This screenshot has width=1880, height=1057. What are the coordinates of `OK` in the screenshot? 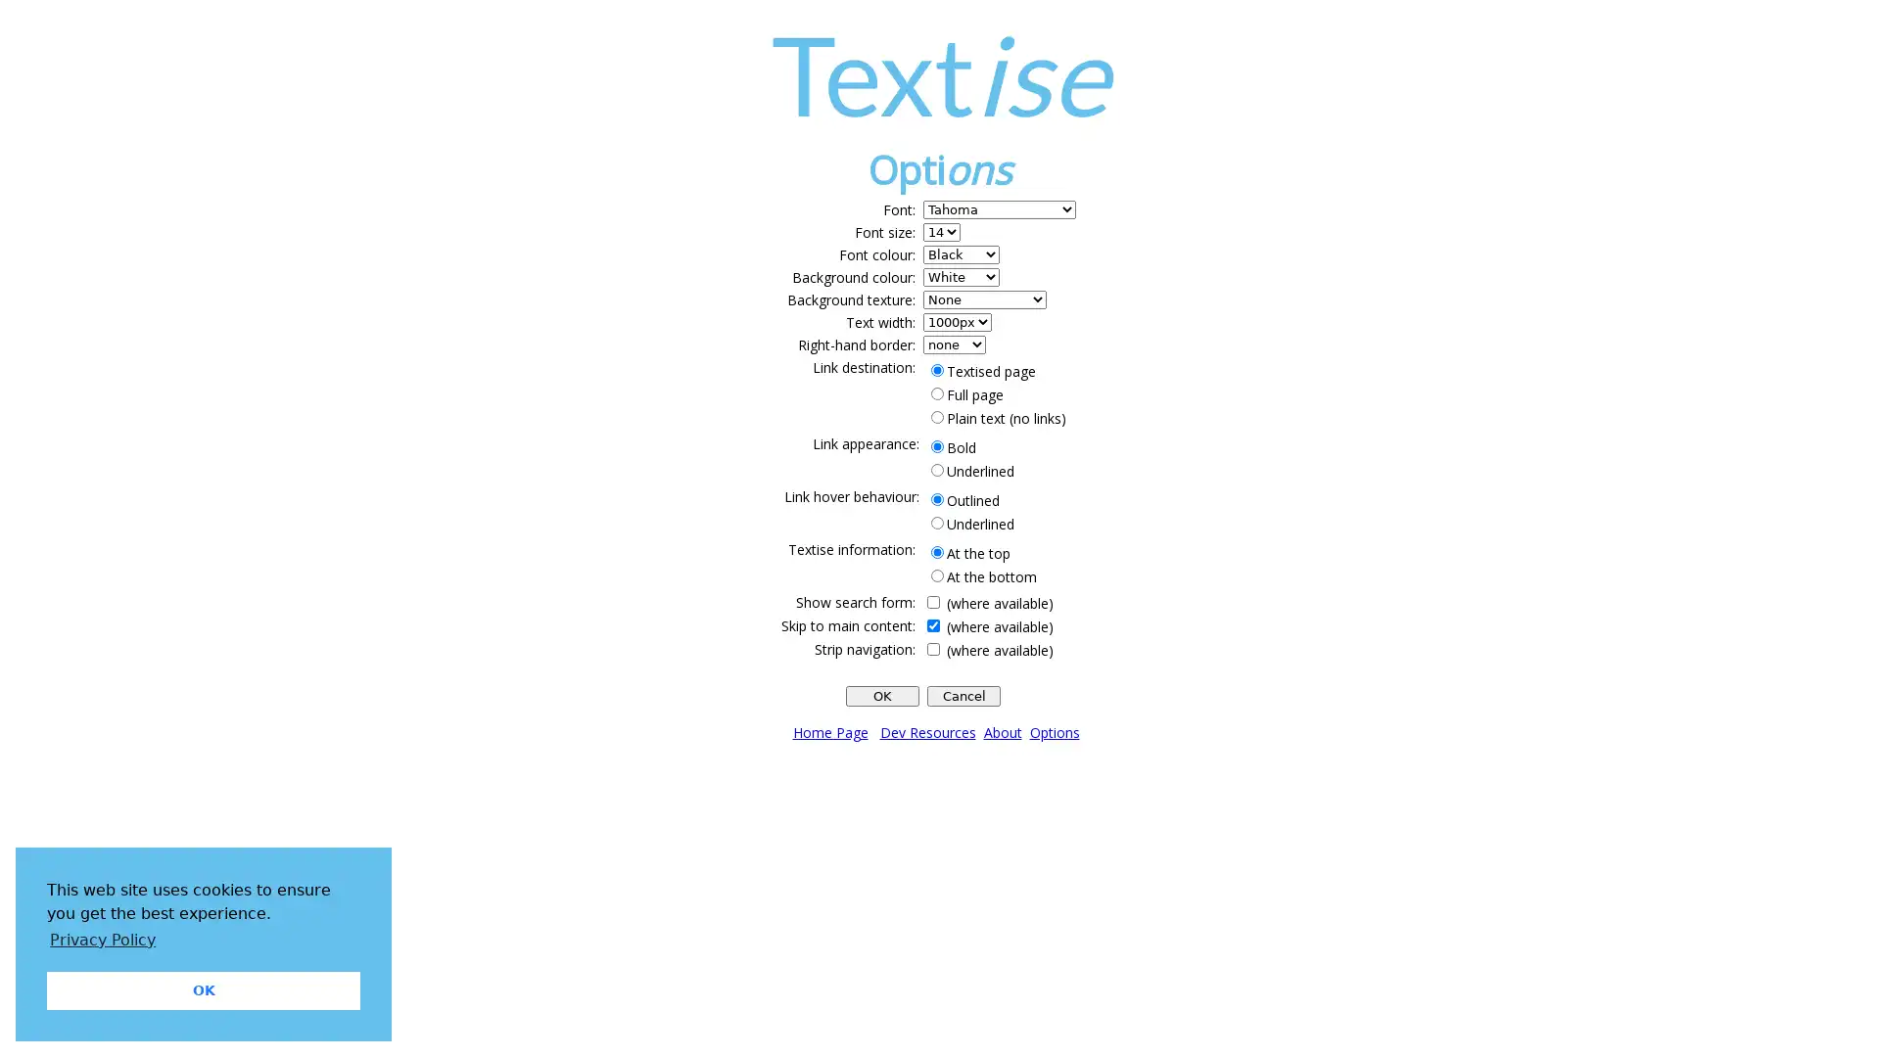 It's located at (881, 695).